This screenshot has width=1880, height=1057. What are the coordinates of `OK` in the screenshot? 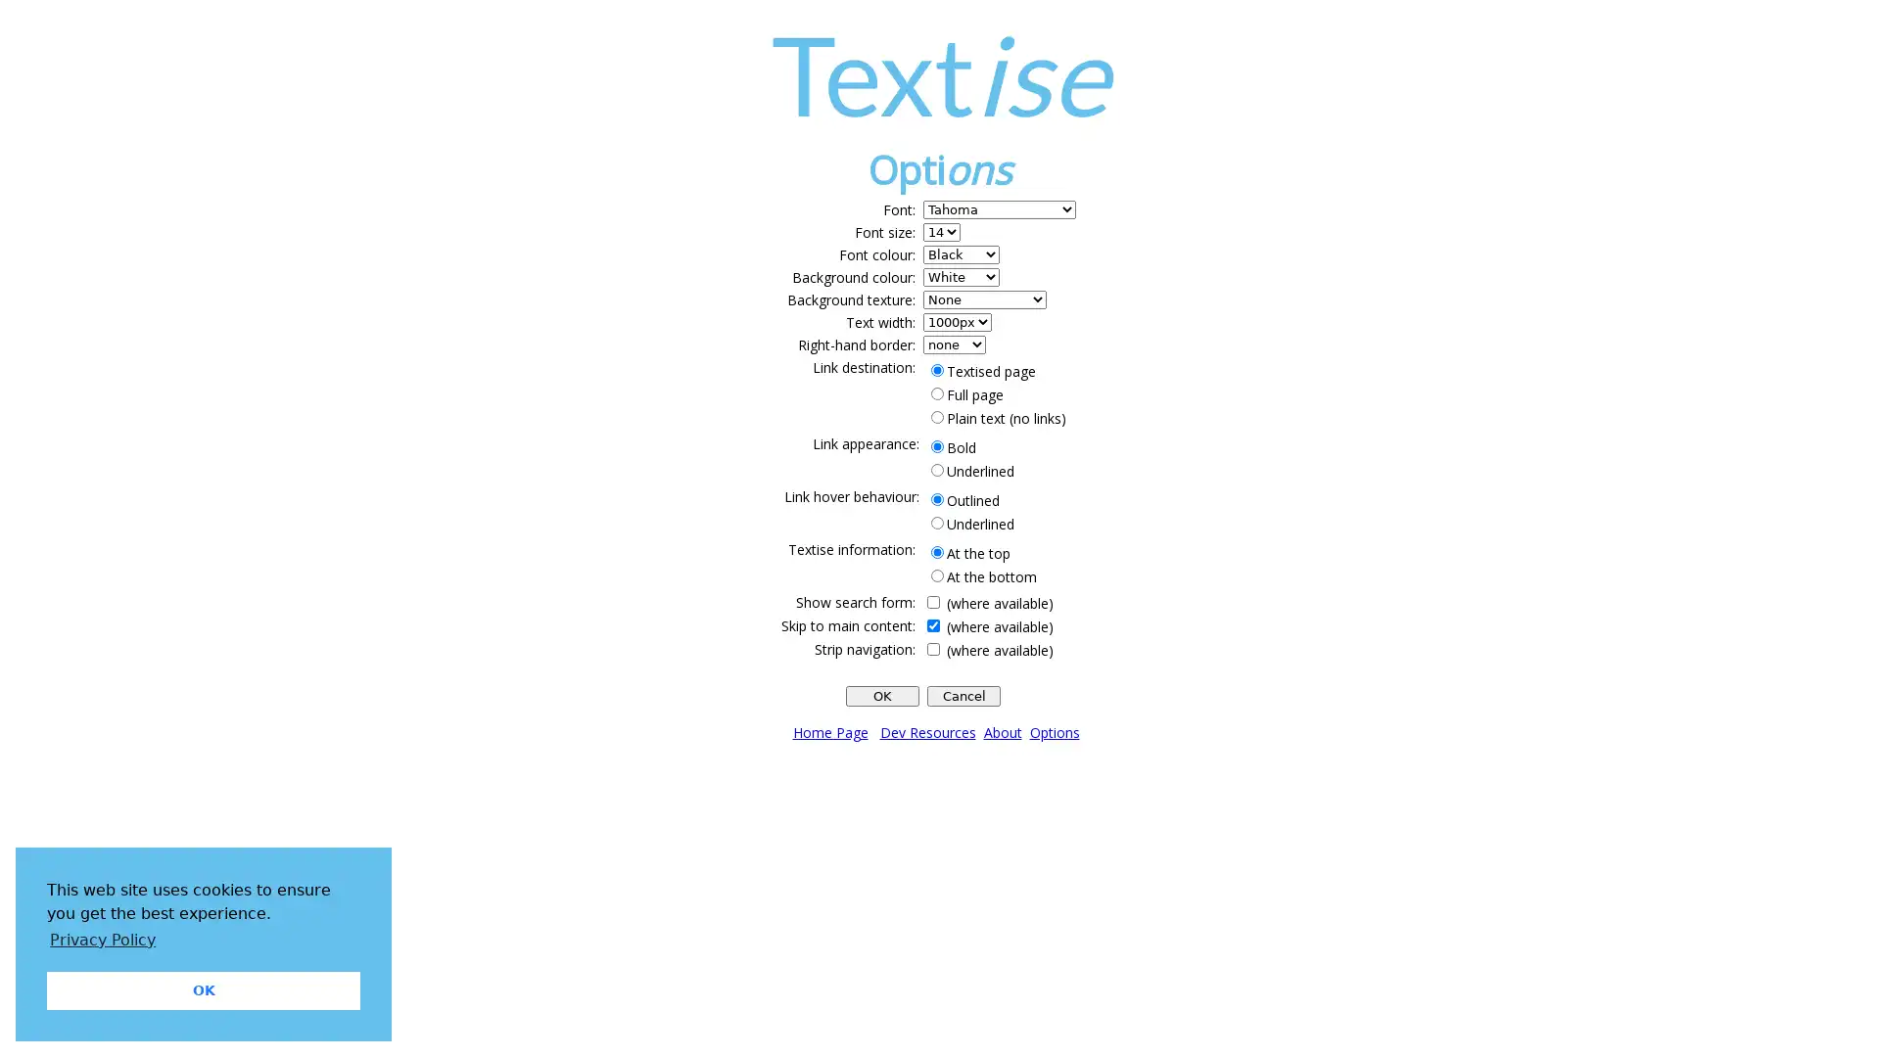 It's located at (881, 695).